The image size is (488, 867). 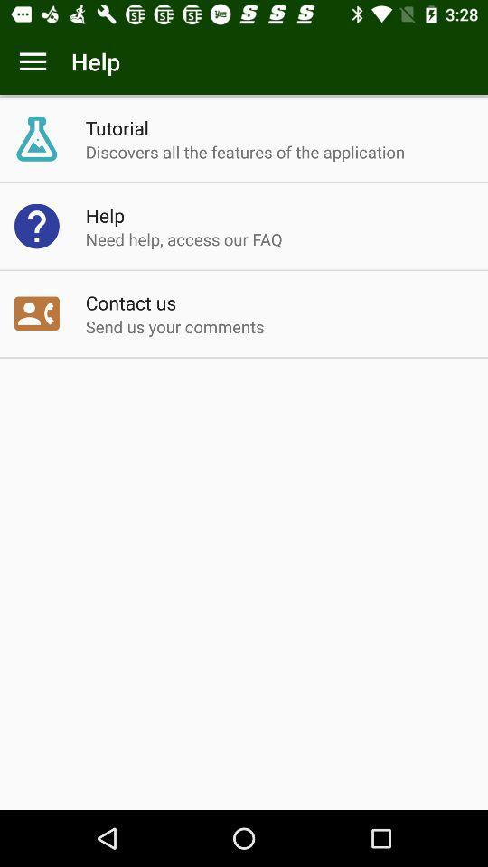 I want to click on the app next to the help item, so click(x=33, y=61).